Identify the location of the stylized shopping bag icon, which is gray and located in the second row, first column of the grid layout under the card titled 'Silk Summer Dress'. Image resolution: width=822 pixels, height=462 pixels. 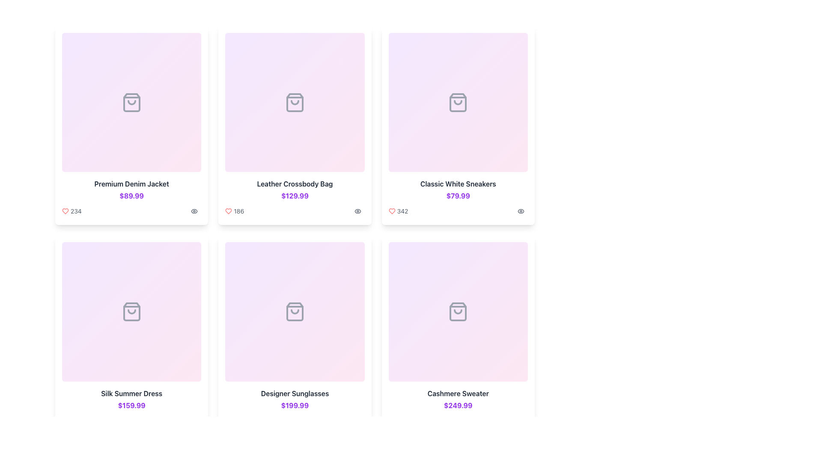
(131, 312).